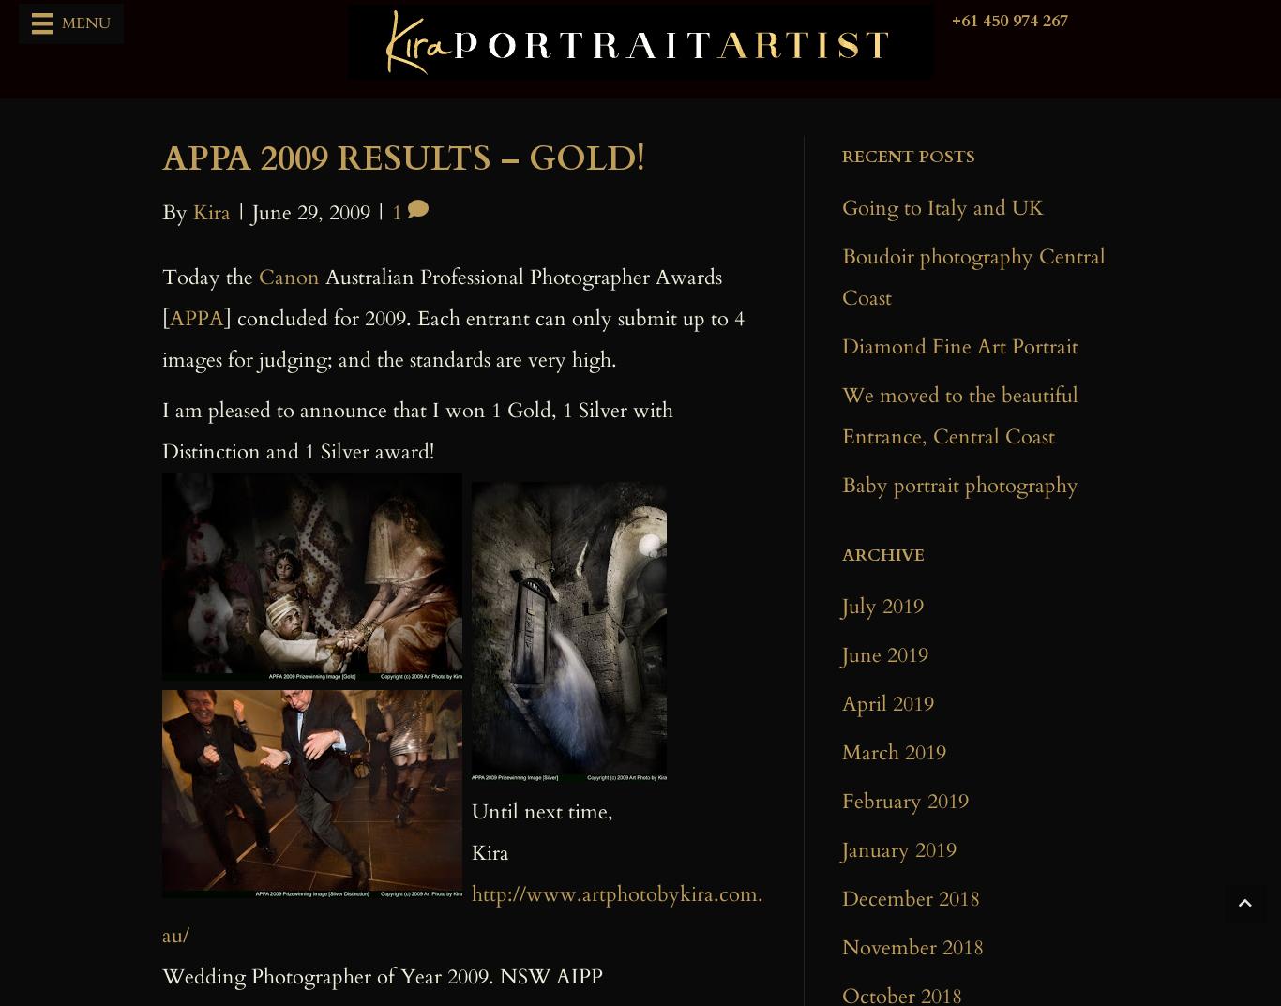 This screenshot has width=1281, height=1006. Describe the element at coordinates (959, 345) in the screenshot. I see `'Diamond Fine Art Portrait'` at that location.